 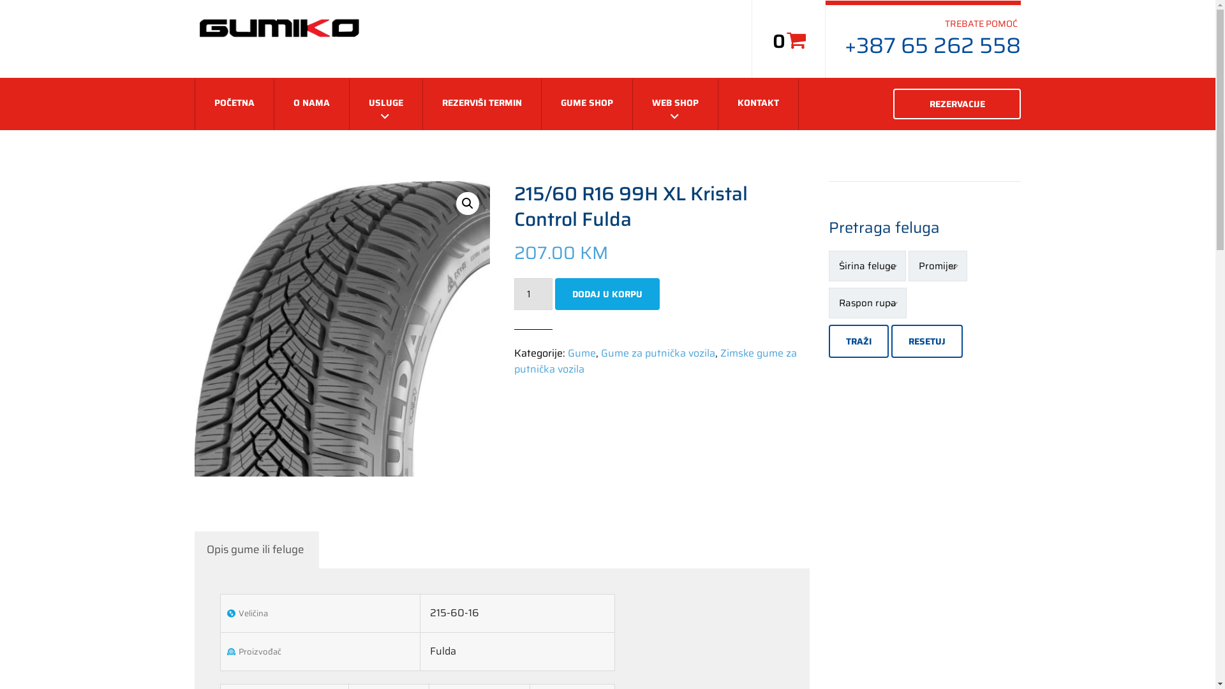 I want to click on 'RESETUJ', so click(x=927, y=341).